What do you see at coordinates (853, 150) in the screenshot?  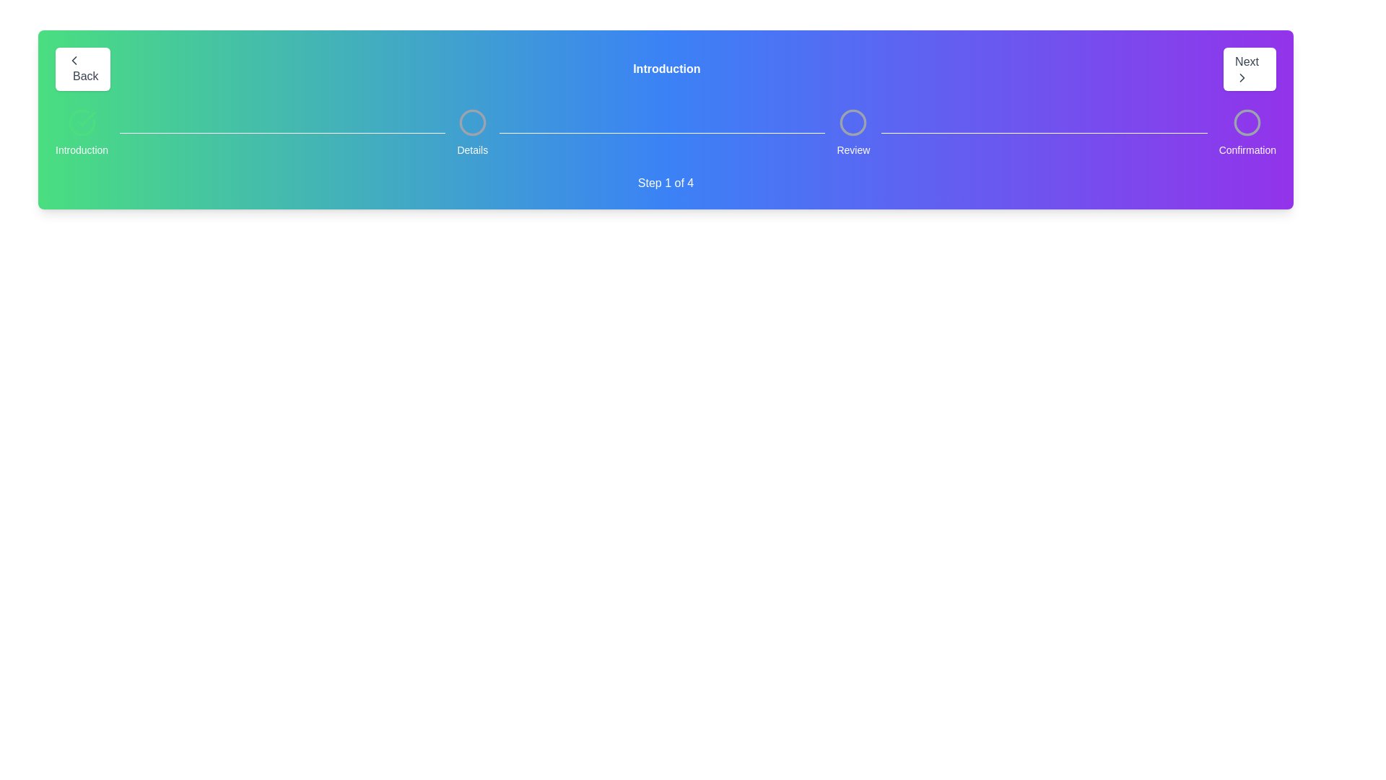 I see `the text label indicating the third step 'Review' in the multi-step progress tracker for accessibility purposes` at bounding box center [853, 150].